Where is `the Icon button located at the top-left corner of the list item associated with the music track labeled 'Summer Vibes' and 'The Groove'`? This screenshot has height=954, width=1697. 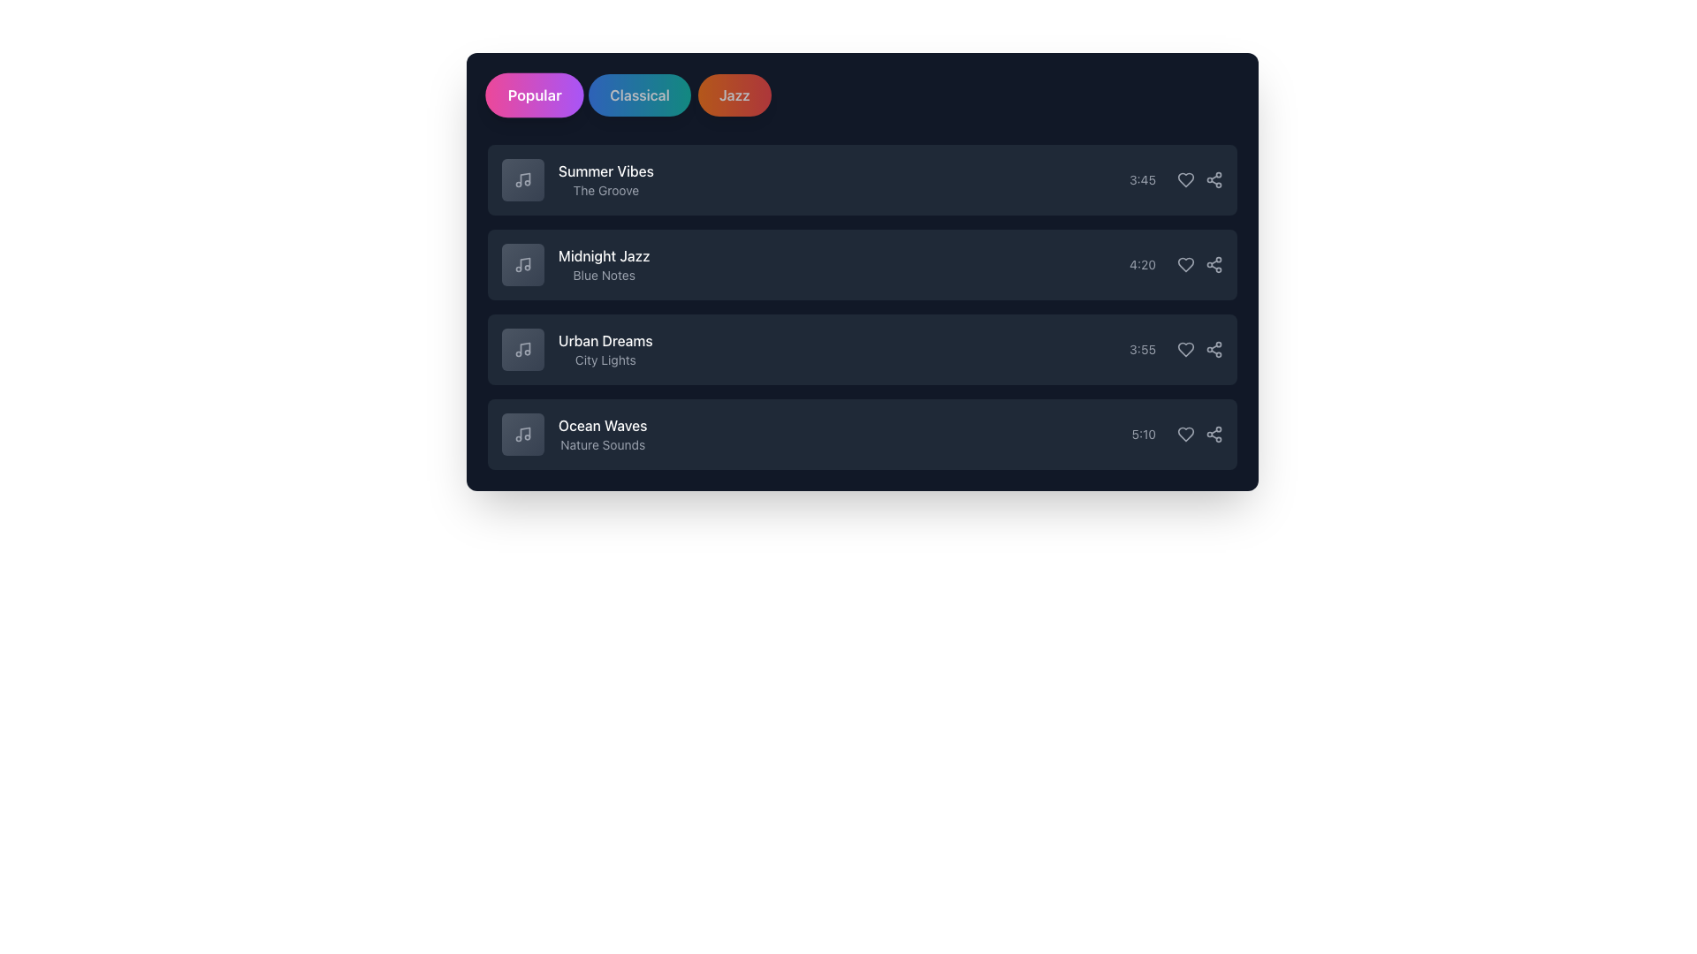
the Icon button located at the top-left corner of the list item associated with the music track labeled 'Summer Vibes' and 'The Groove' is located at coordinates (521, 180).